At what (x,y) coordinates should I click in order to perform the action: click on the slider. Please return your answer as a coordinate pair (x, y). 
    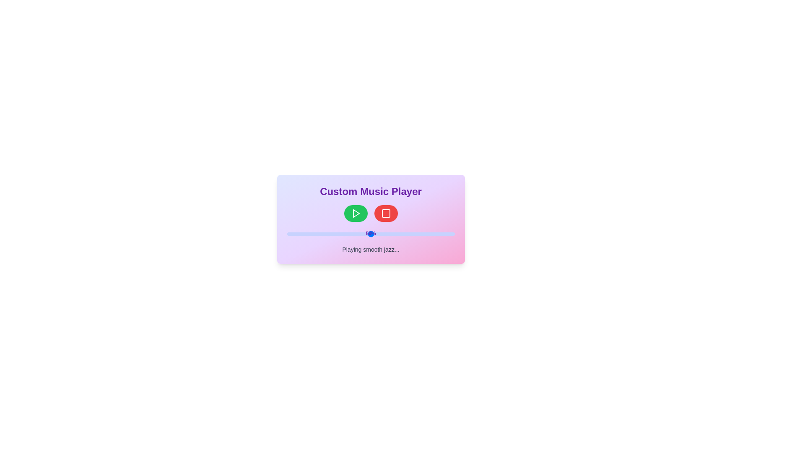
    Looking at the image, I should click on (297, 234).